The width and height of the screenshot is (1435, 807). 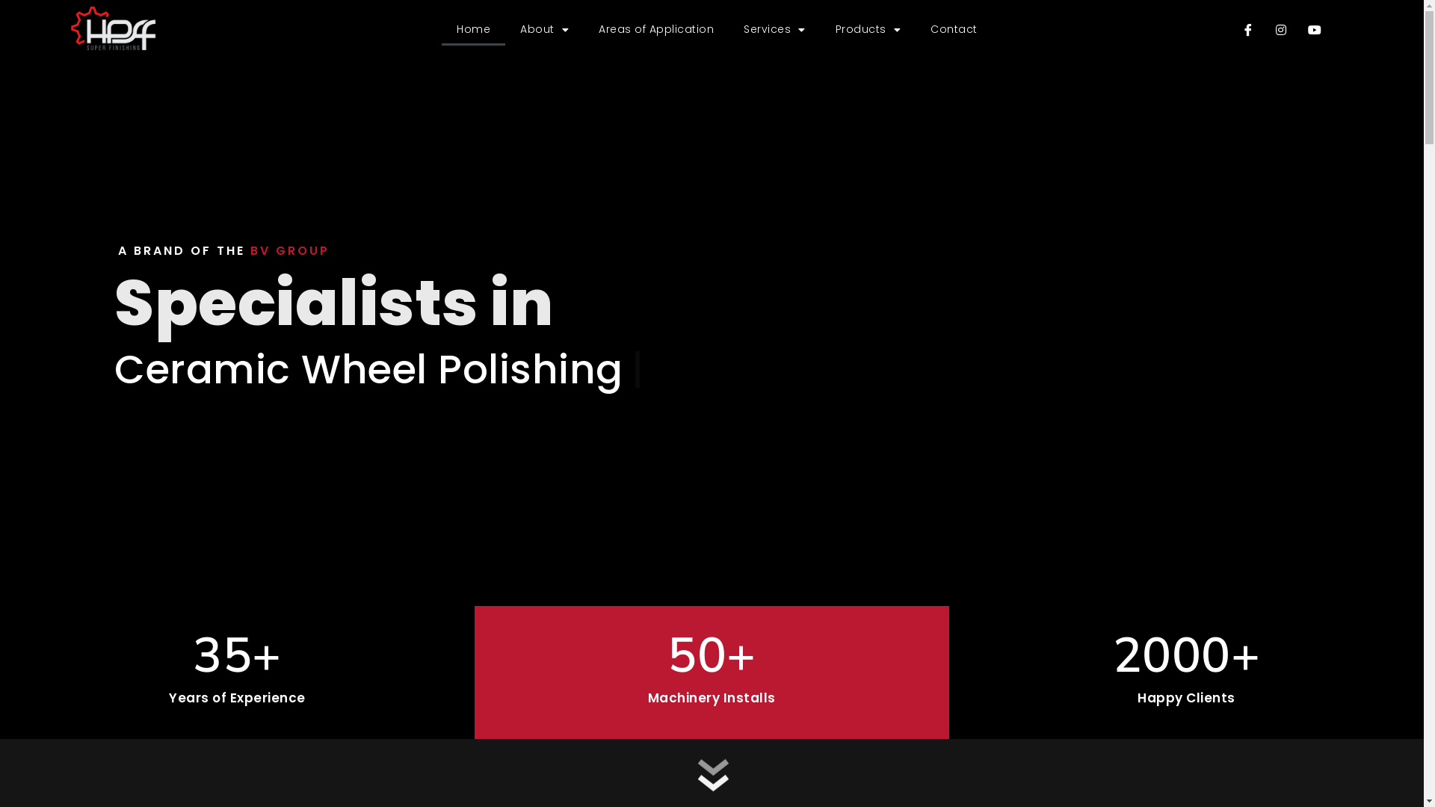 What do you see at coordinates (505, 29) in the screenshot?
I see `'About'` at bounding box center [505, 29].